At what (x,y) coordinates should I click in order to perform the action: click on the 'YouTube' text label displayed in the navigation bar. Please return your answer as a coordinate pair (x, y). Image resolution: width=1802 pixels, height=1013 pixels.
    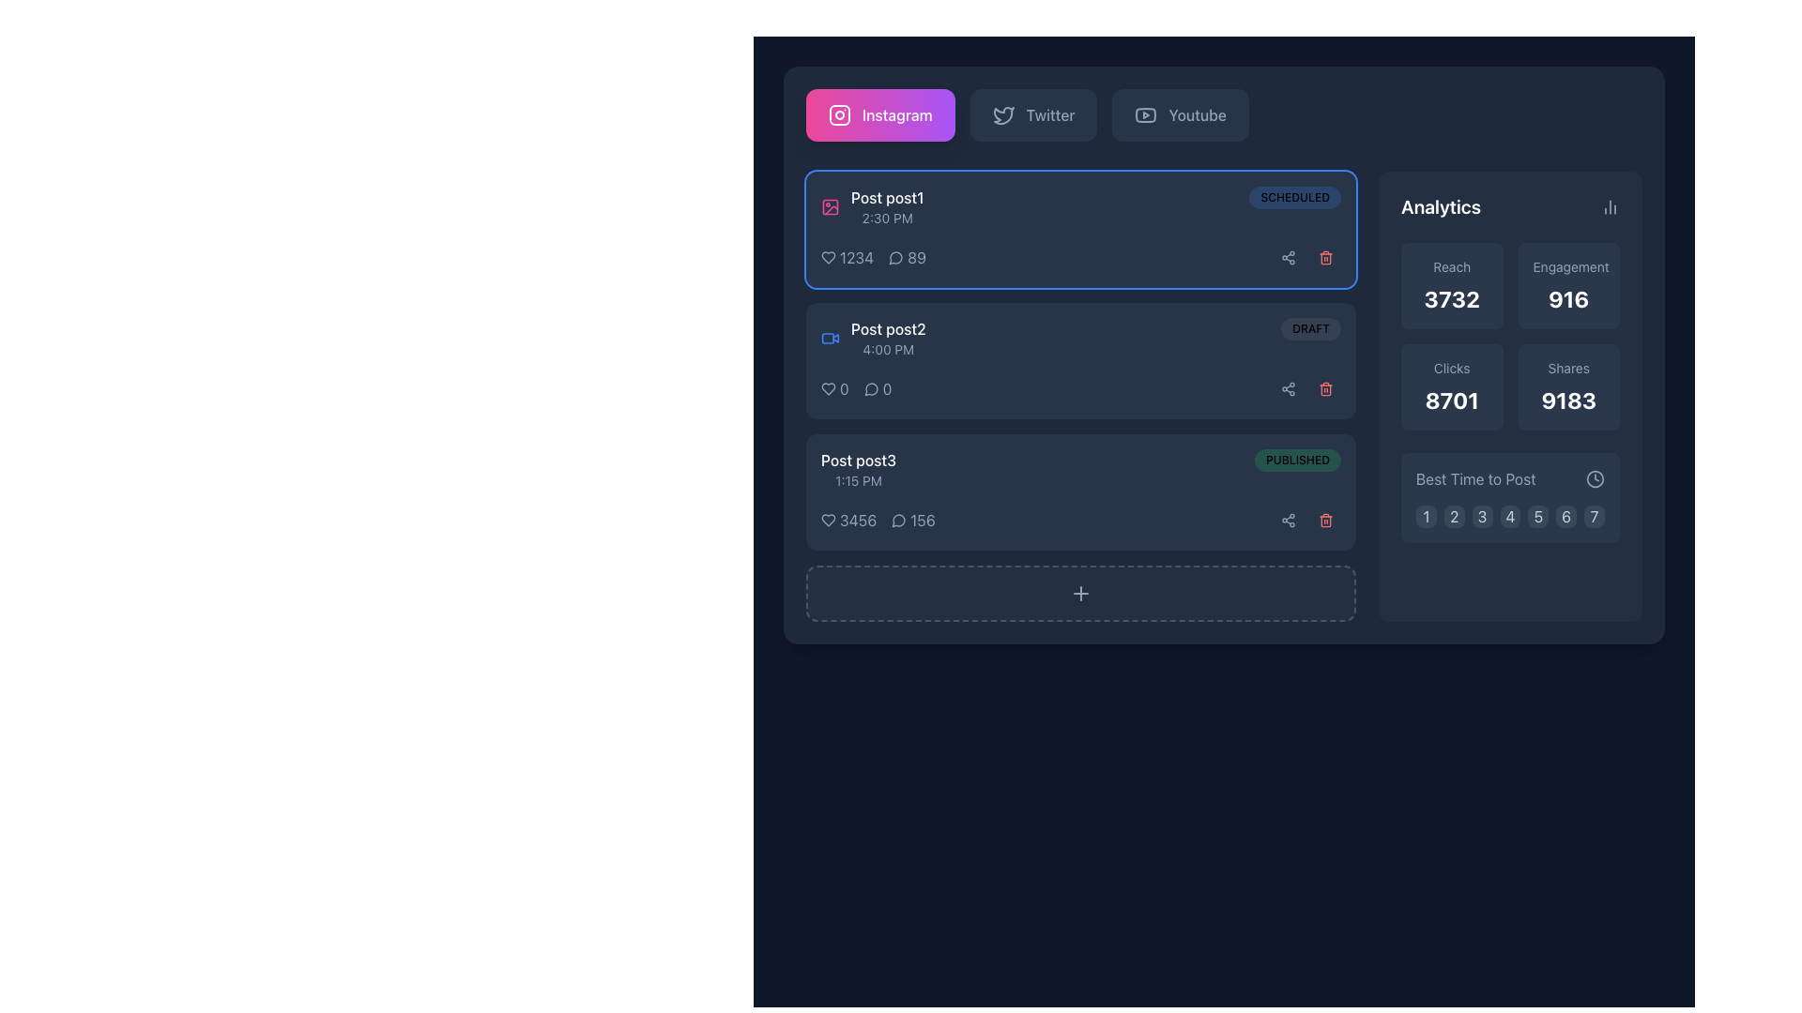
    Looking at the image, I should click on (1197, 115).